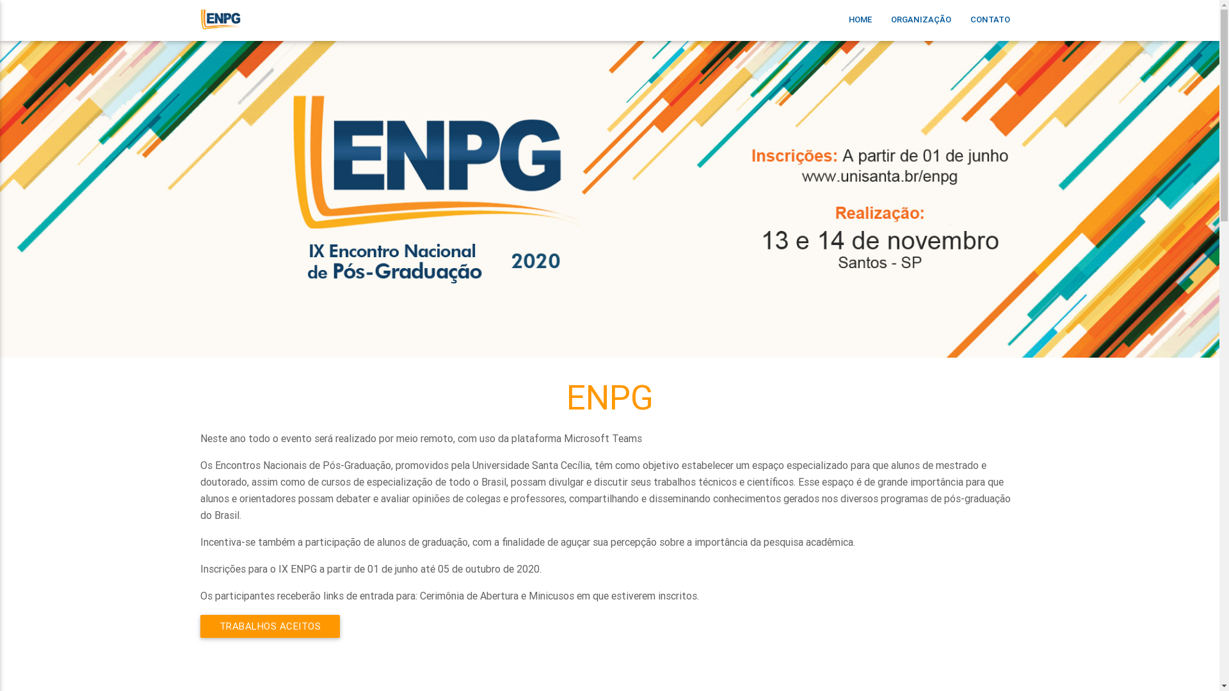 The image size is (1229, 691). I want to click on 'ENPG', so click(220, 36).